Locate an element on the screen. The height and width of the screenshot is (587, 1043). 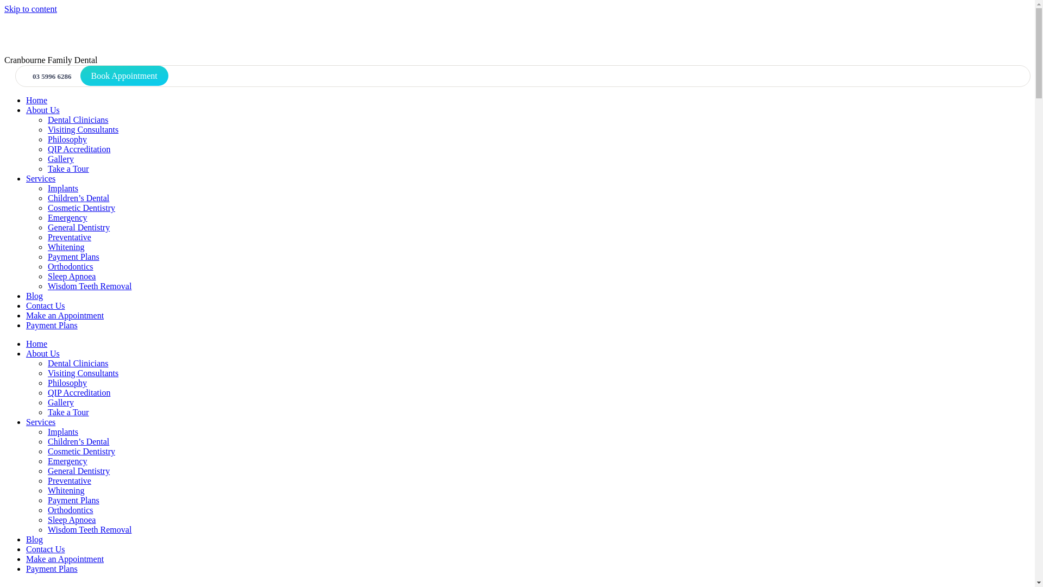
'Implants' is located at coordinates (62, 188).